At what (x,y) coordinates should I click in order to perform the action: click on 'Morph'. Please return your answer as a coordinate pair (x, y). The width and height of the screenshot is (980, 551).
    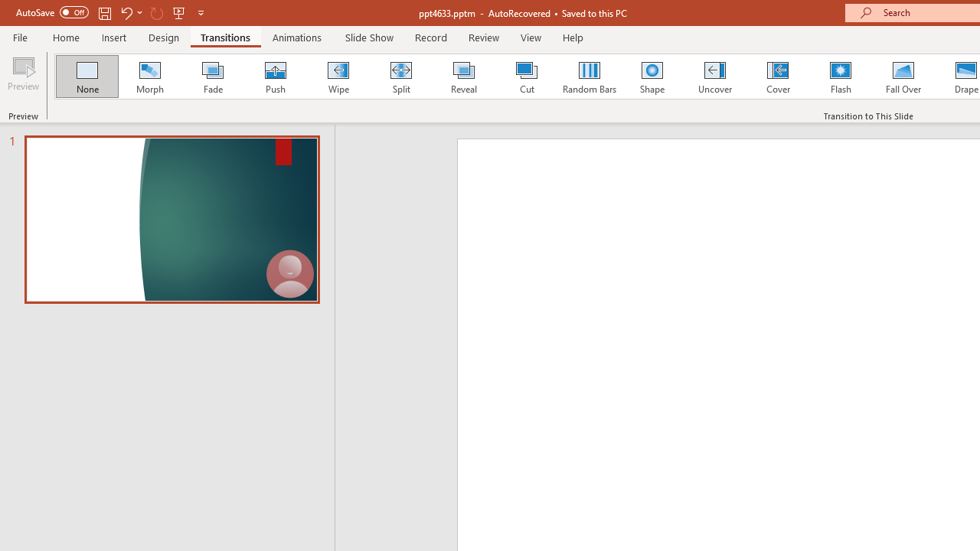
    Looking at the image, I should click on (149, 77).